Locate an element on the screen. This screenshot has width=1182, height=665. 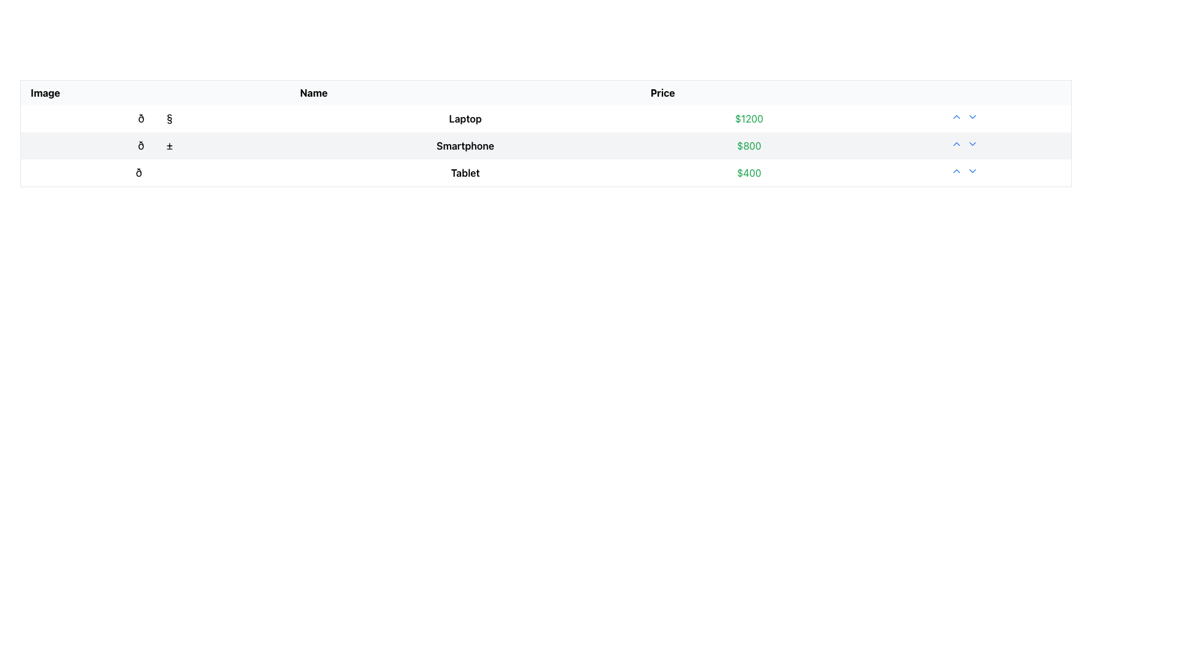
text label identifying the item located in the second column of the first row of the table, positioned between an icon and a price is located at coordinates (465, 118).